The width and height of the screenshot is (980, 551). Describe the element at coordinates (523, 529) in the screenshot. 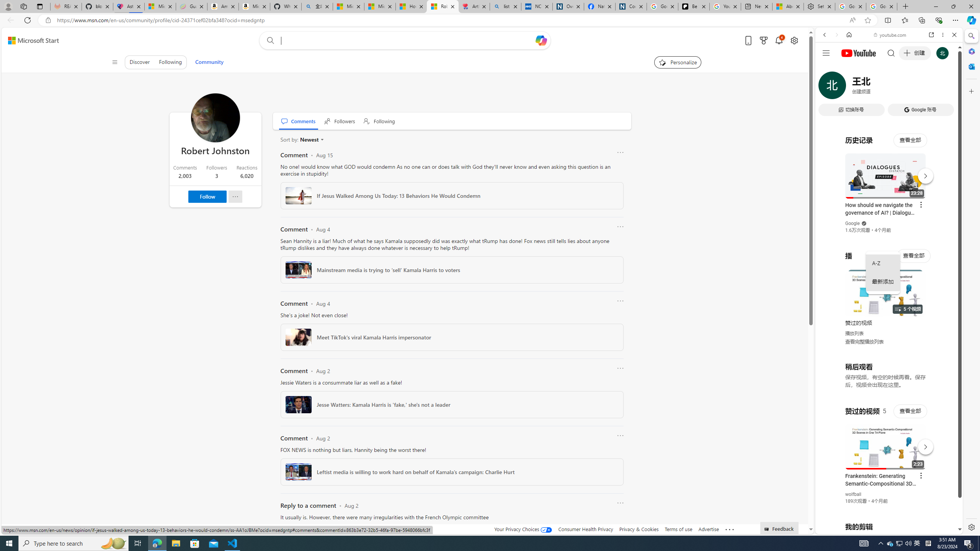

I see `'Your Privacy Choices'` at that location.